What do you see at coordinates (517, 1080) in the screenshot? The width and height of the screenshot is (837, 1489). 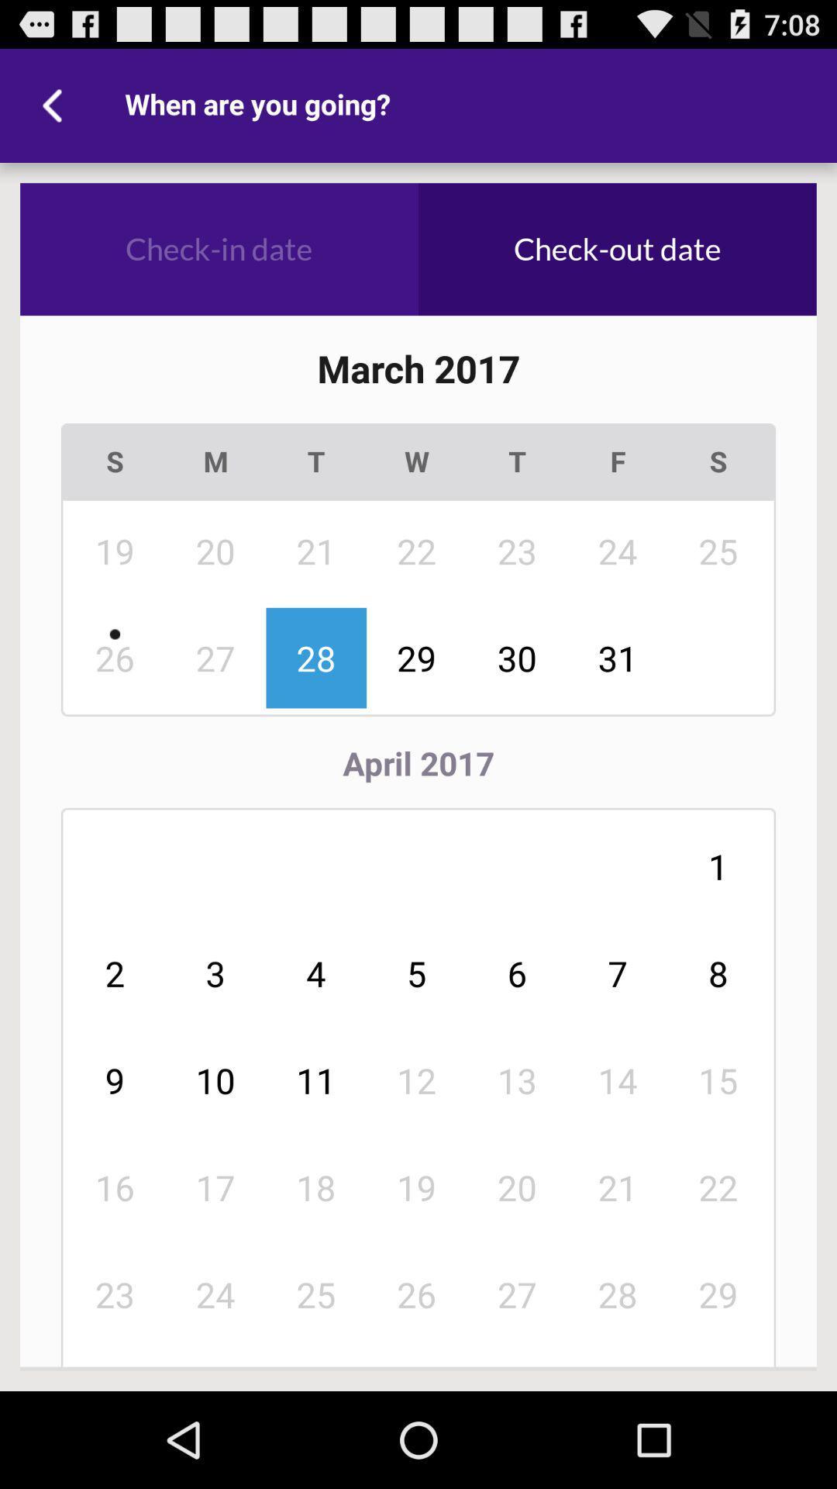 I see `item above 19 item` at bounding box center [517, 1080].